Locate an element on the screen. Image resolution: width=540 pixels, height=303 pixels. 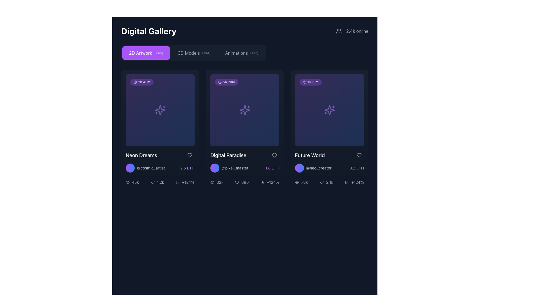
the star-shaped decorative icon with a sparkly design, located within the purple card titled 'Digital Paradise' is located at coordinates (245, 110).